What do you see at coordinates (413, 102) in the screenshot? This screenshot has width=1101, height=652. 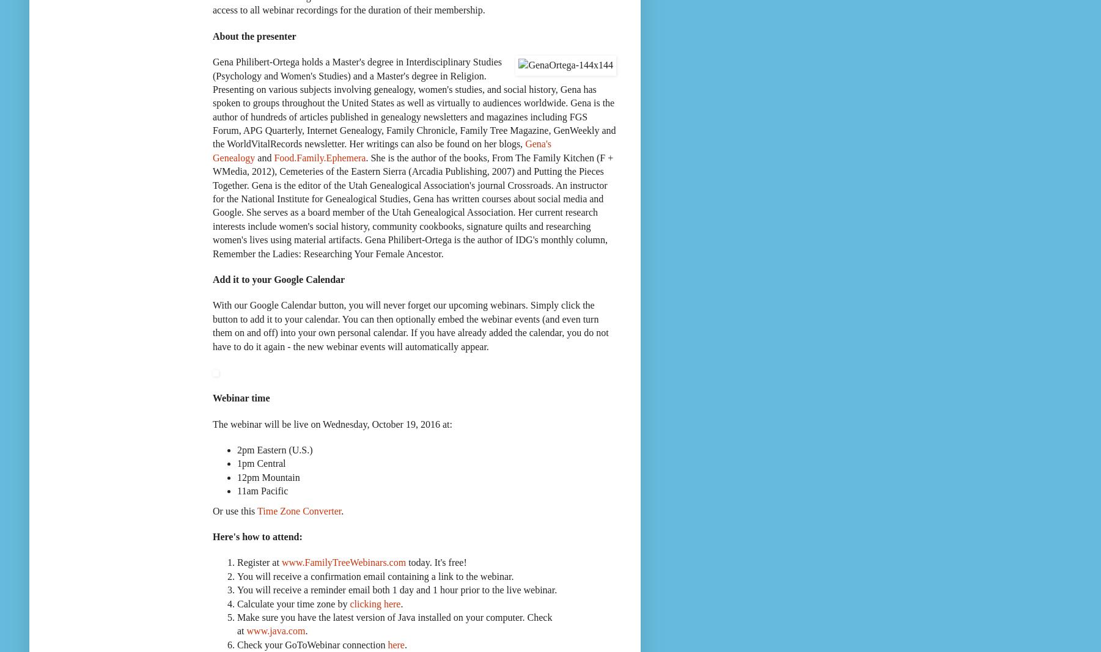 I see `'Gena Philibert-Ortega holds a Master's degree in Interdisciplinary Studies (Psychology and Women's Studies) and a Master's degree in Religion. Presenting on various subjects involving genealogy, women's studies, and social history, Gena has spoken to groups throughout the United States as well as virtually to audiences worldwide. Gena is the author of hundreds of articles published in genealogy newsletters and magazines including FGS Forum, APG Quarterly, Internet Genealogy, Family Chronicle, Family Tree Magazine, GenWeekly and the WorldVitalRecords newsletter. Her writings can also be found on her blogs,'` at bounding box center [413, 102].